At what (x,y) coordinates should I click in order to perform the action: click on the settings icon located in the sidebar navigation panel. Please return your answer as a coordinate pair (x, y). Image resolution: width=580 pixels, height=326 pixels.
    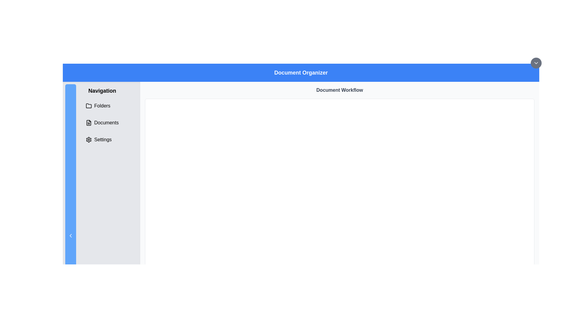
    Looking at the image, I should click on (88, 139).